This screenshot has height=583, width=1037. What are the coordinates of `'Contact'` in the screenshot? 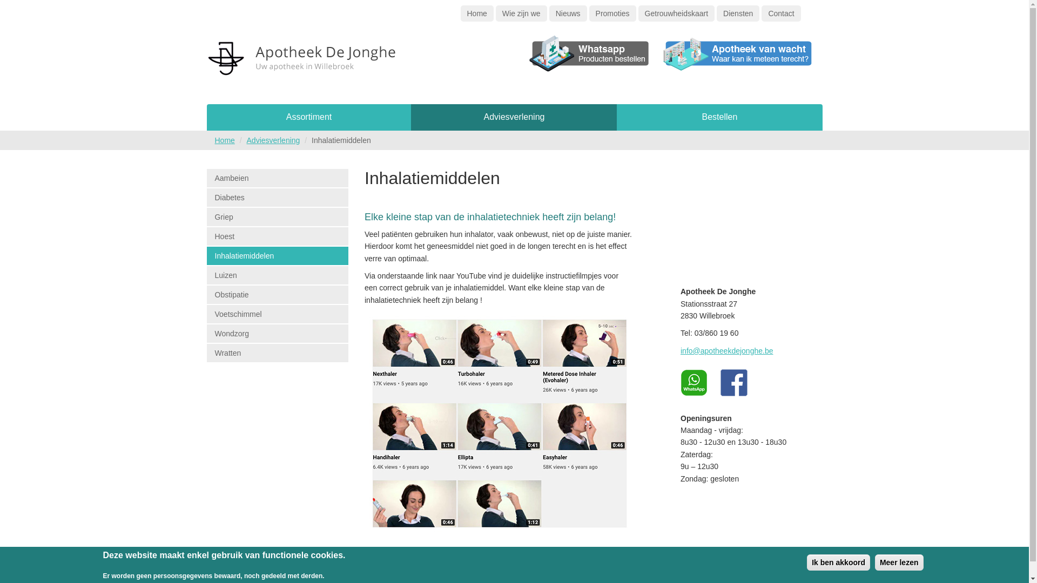 It's located at (780, 13).